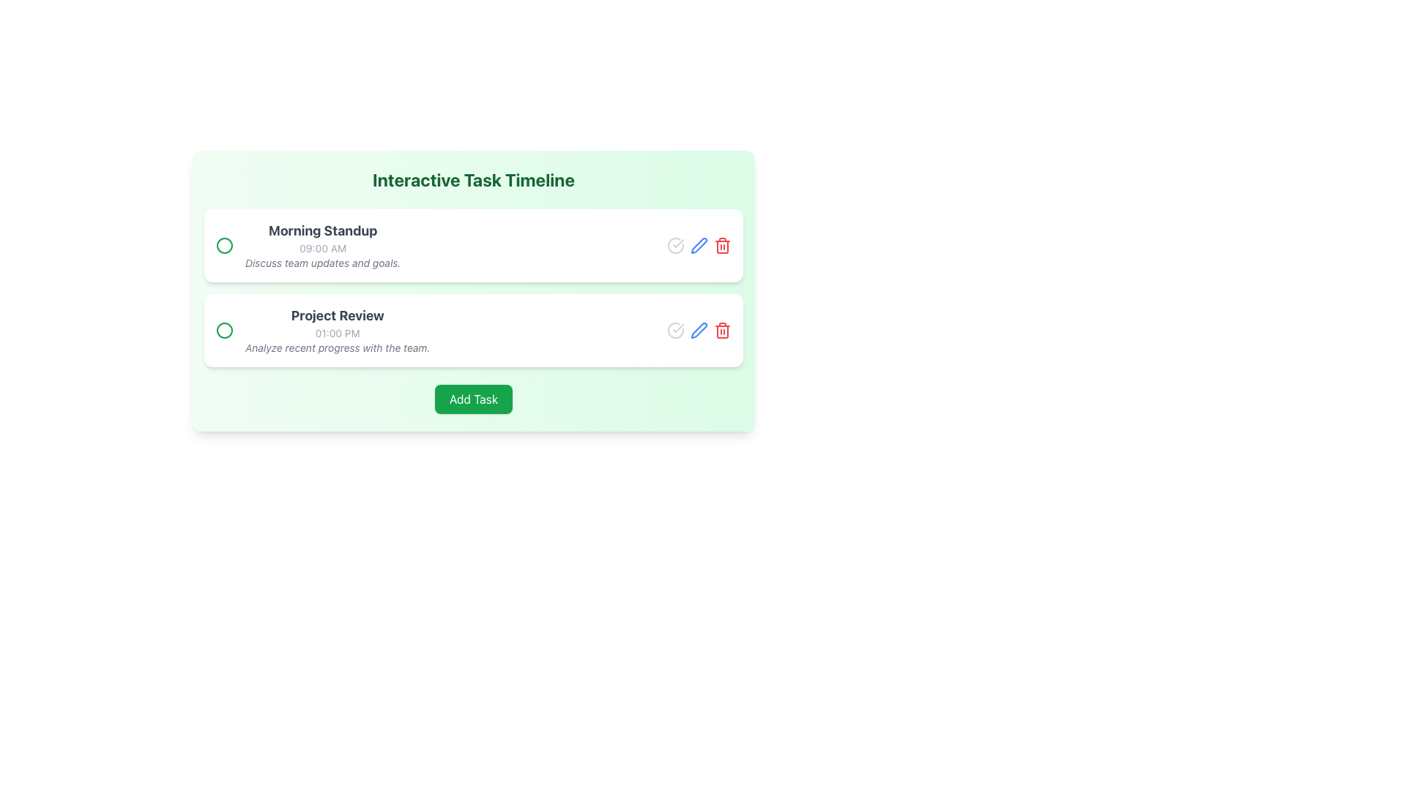 This screenshot has width=1406, height=790. What do you see at coordinates (224, 244) in the screenshot?
I see `the circular green icon located to the left of the text 'Morning Standup 09:00 AM Discuss team updates and goals.' in the first task card of the timeline` at bounding box center [224, 244].